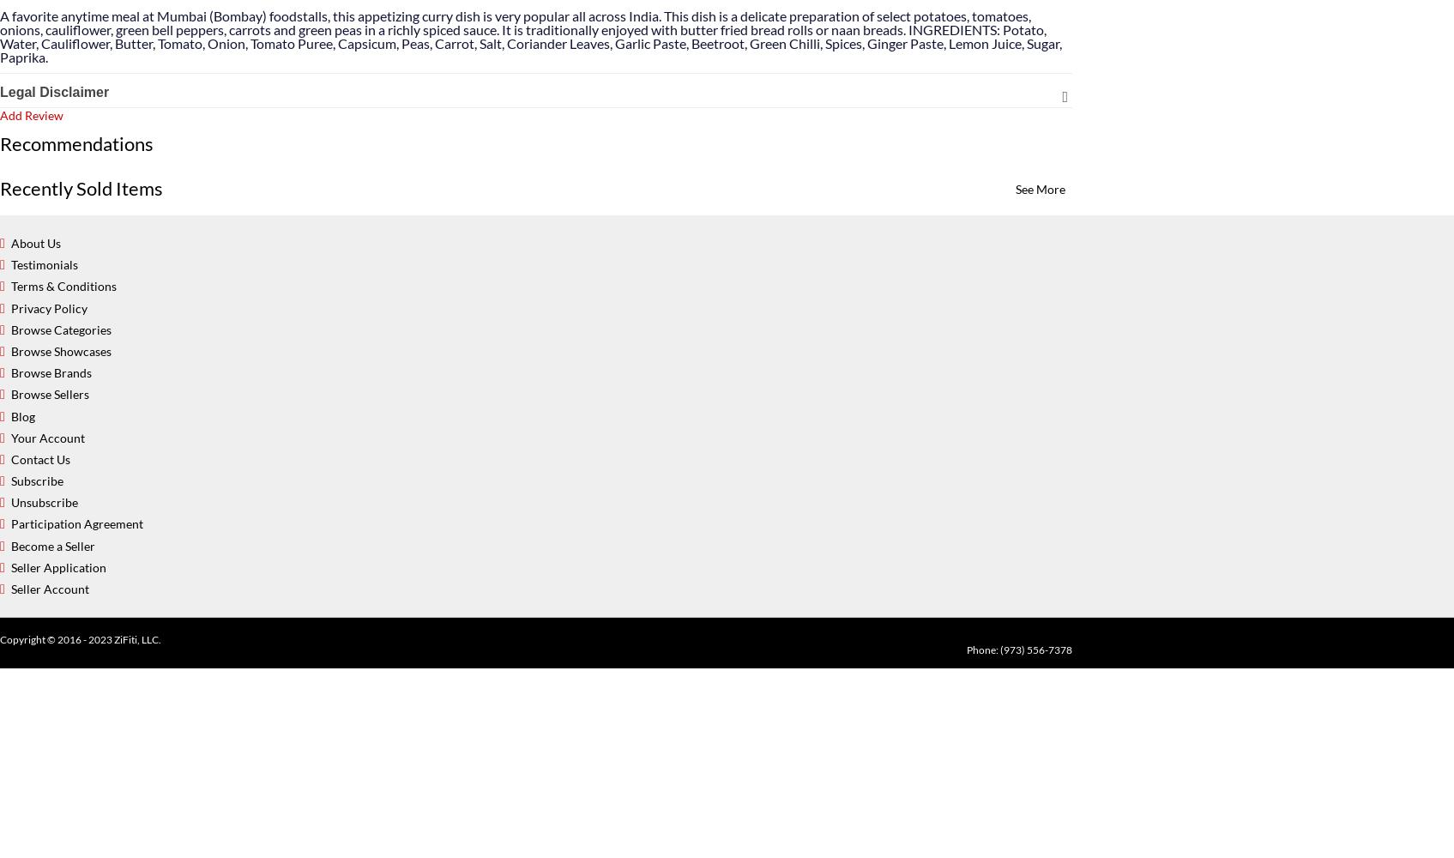  What do you see at coordinates (10, 372) in the screenshot?
I see `'Browse Brands'` at bounding box center [10, 372].